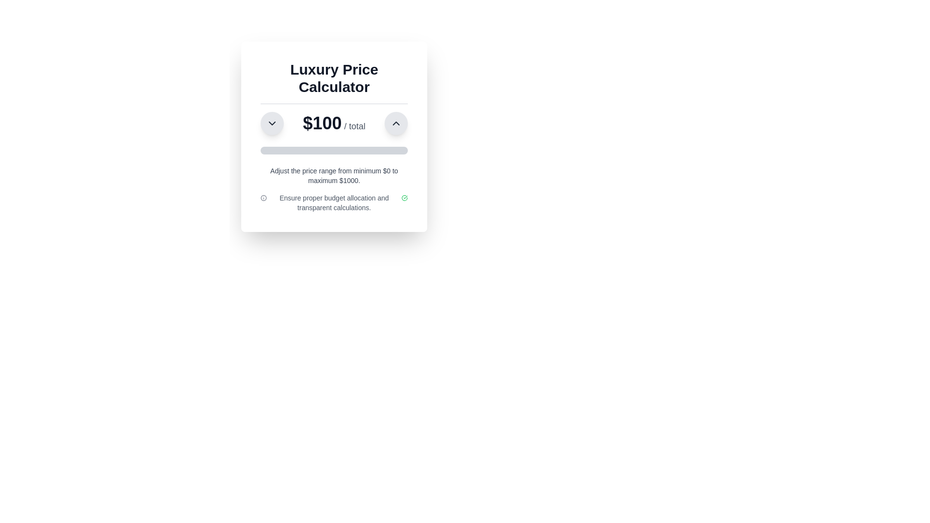  Describe the element at coordinates (404, 197) in the screenshot. I see `the confirmation icon located to the far right of the text 'Ensure proper budget allocation and transparent calculations'` at that location.